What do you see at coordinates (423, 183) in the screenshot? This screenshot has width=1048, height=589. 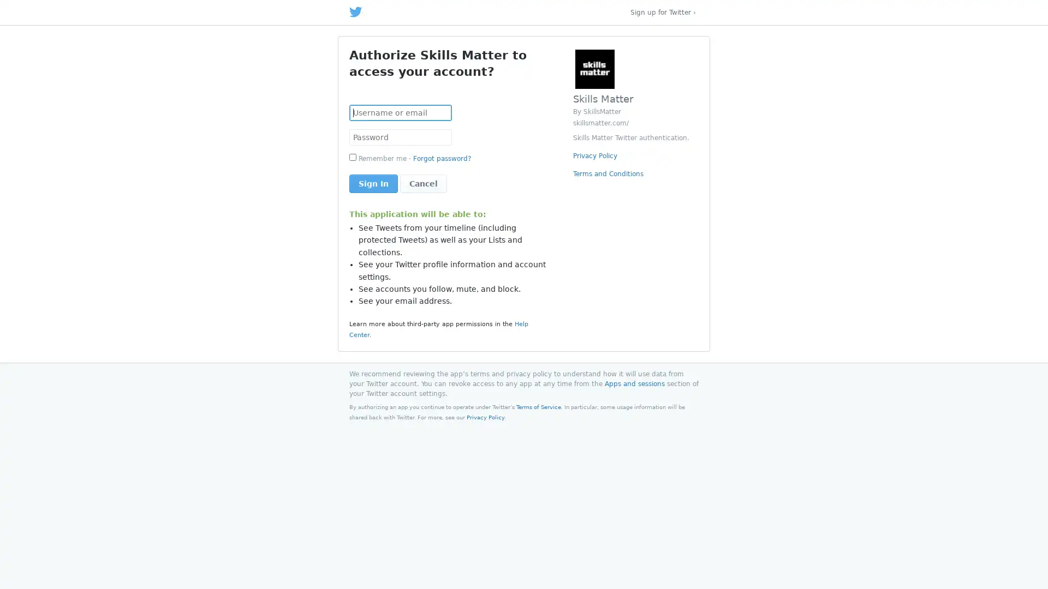 I see `Cancel` at bounding box center [423, 183].